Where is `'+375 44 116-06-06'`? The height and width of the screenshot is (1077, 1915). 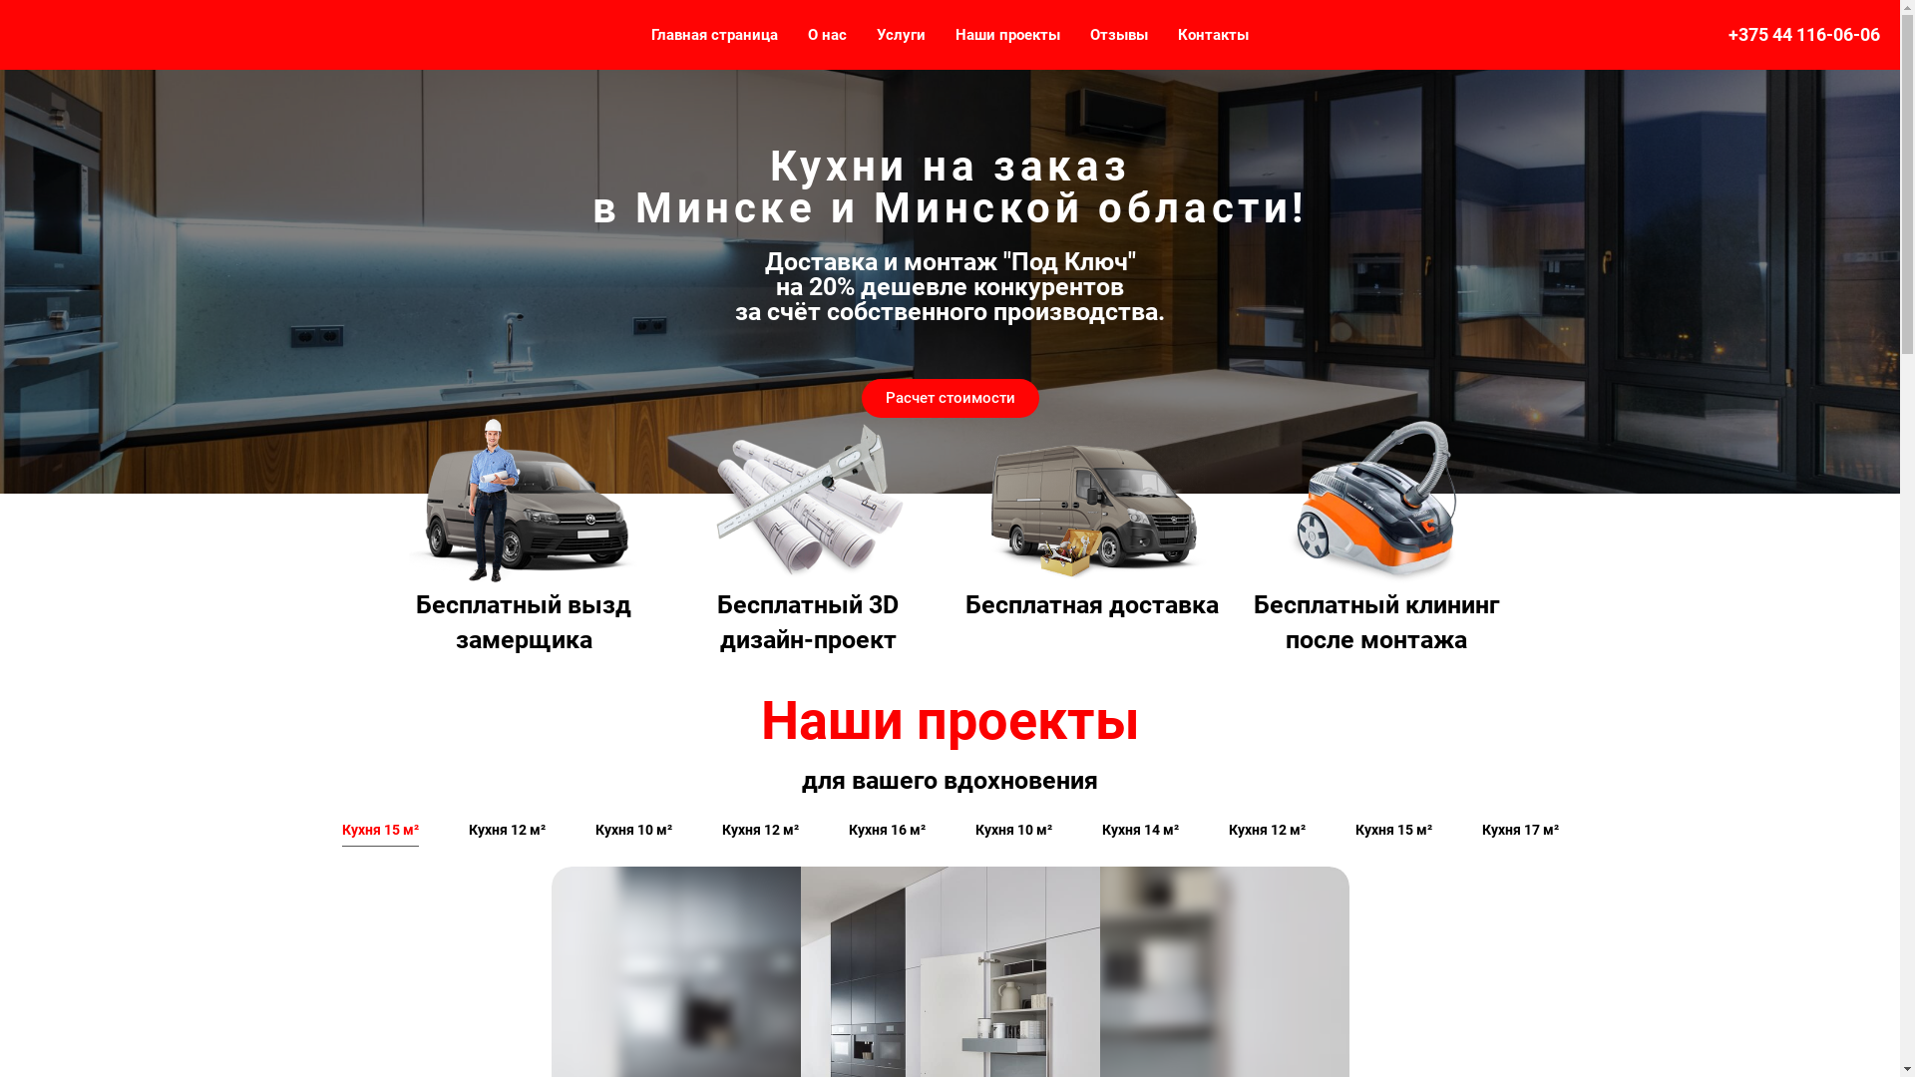
'+375 44 116-06-06' is located at coordinates (1804, 34).